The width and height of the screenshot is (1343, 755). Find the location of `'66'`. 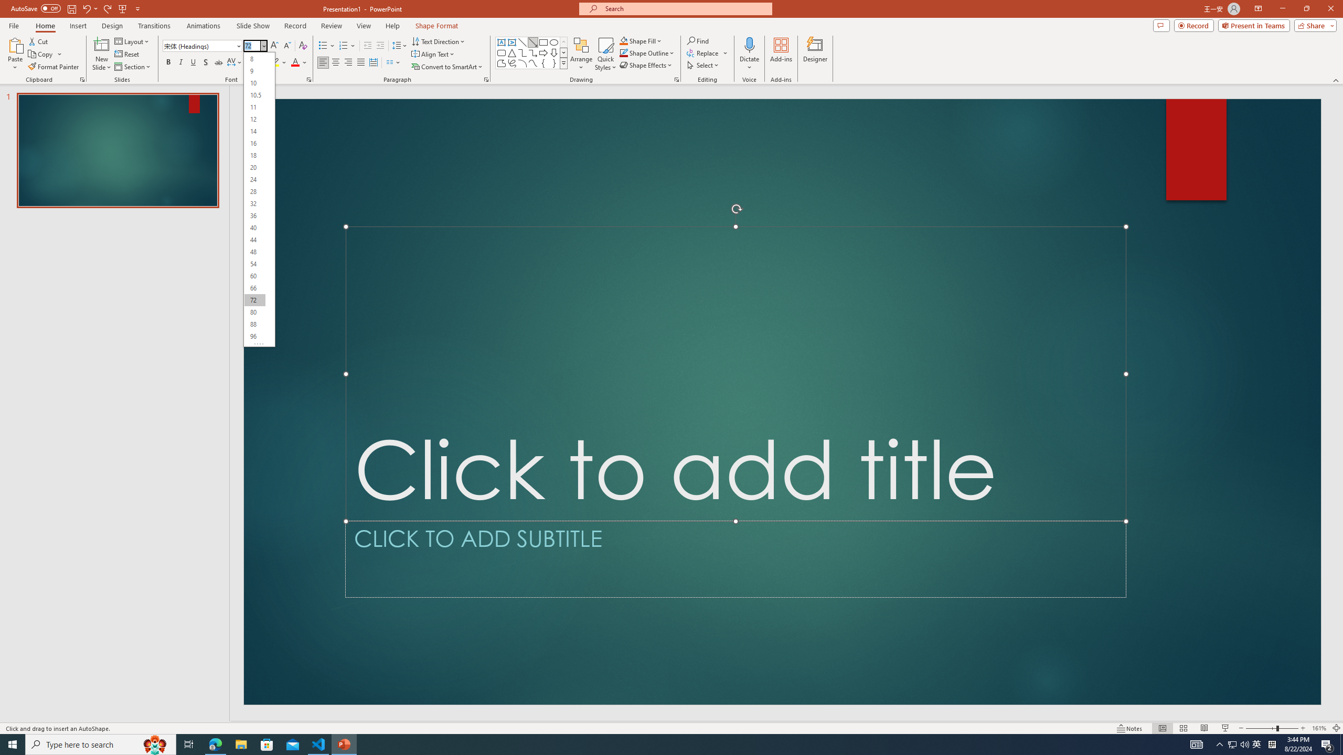

'66' is located at coordinates (254, 288).